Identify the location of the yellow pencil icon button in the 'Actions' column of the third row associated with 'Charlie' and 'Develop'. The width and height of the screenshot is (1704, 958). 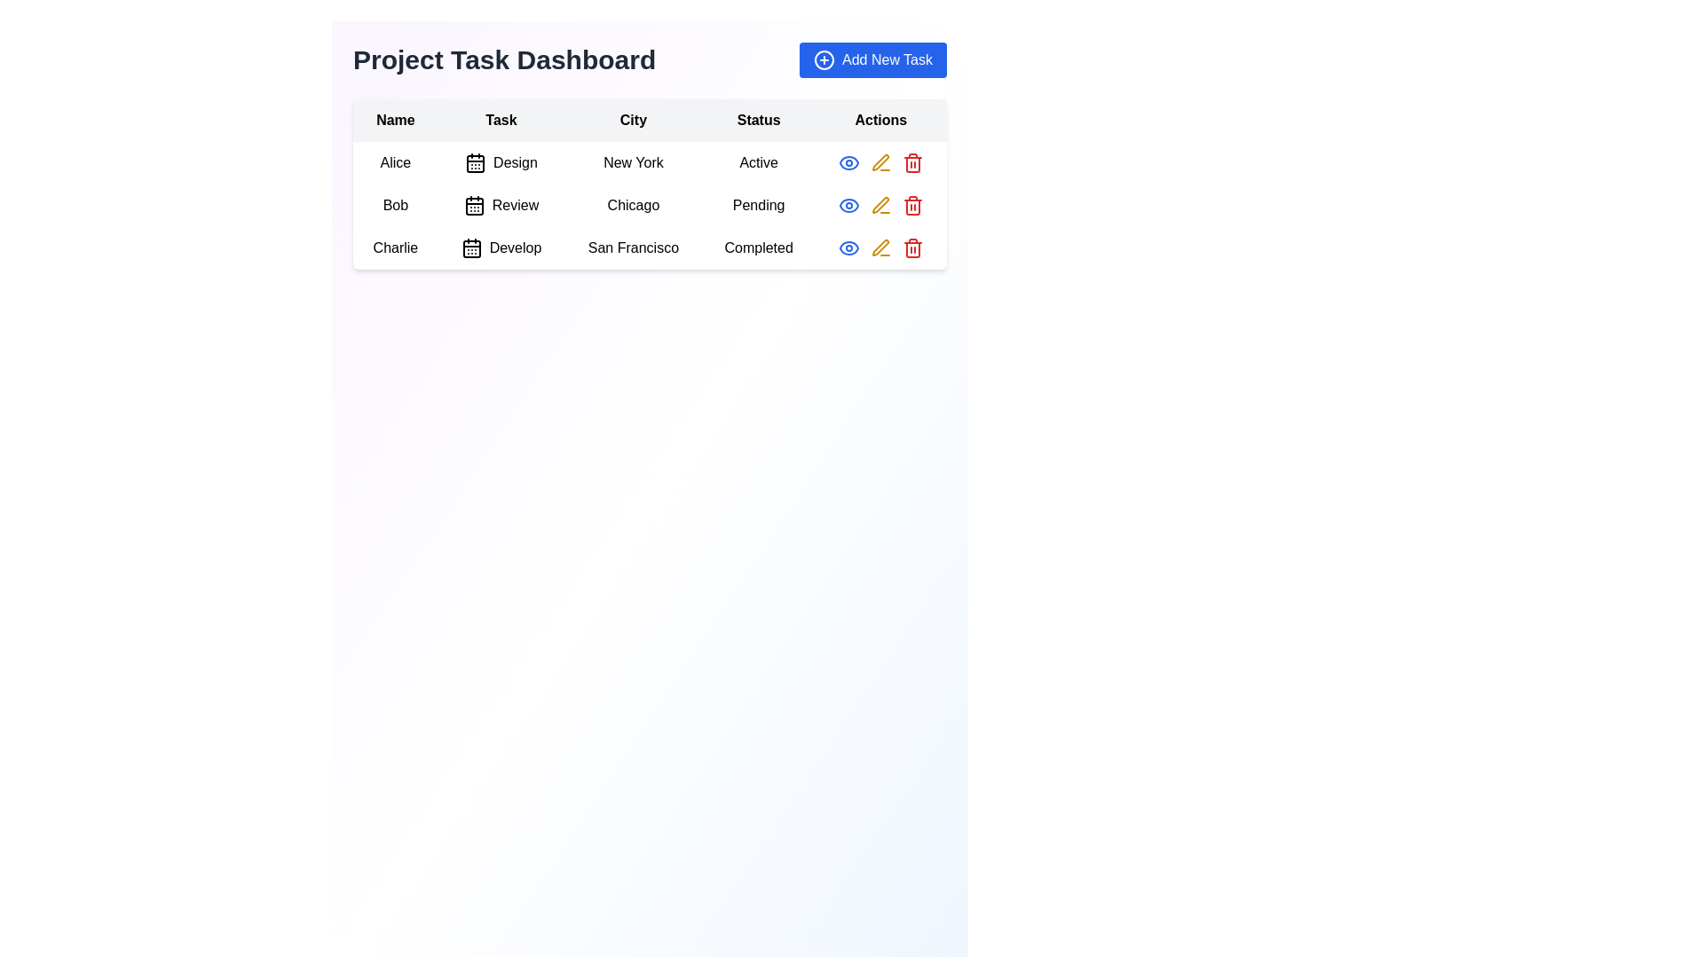
(880, 247).